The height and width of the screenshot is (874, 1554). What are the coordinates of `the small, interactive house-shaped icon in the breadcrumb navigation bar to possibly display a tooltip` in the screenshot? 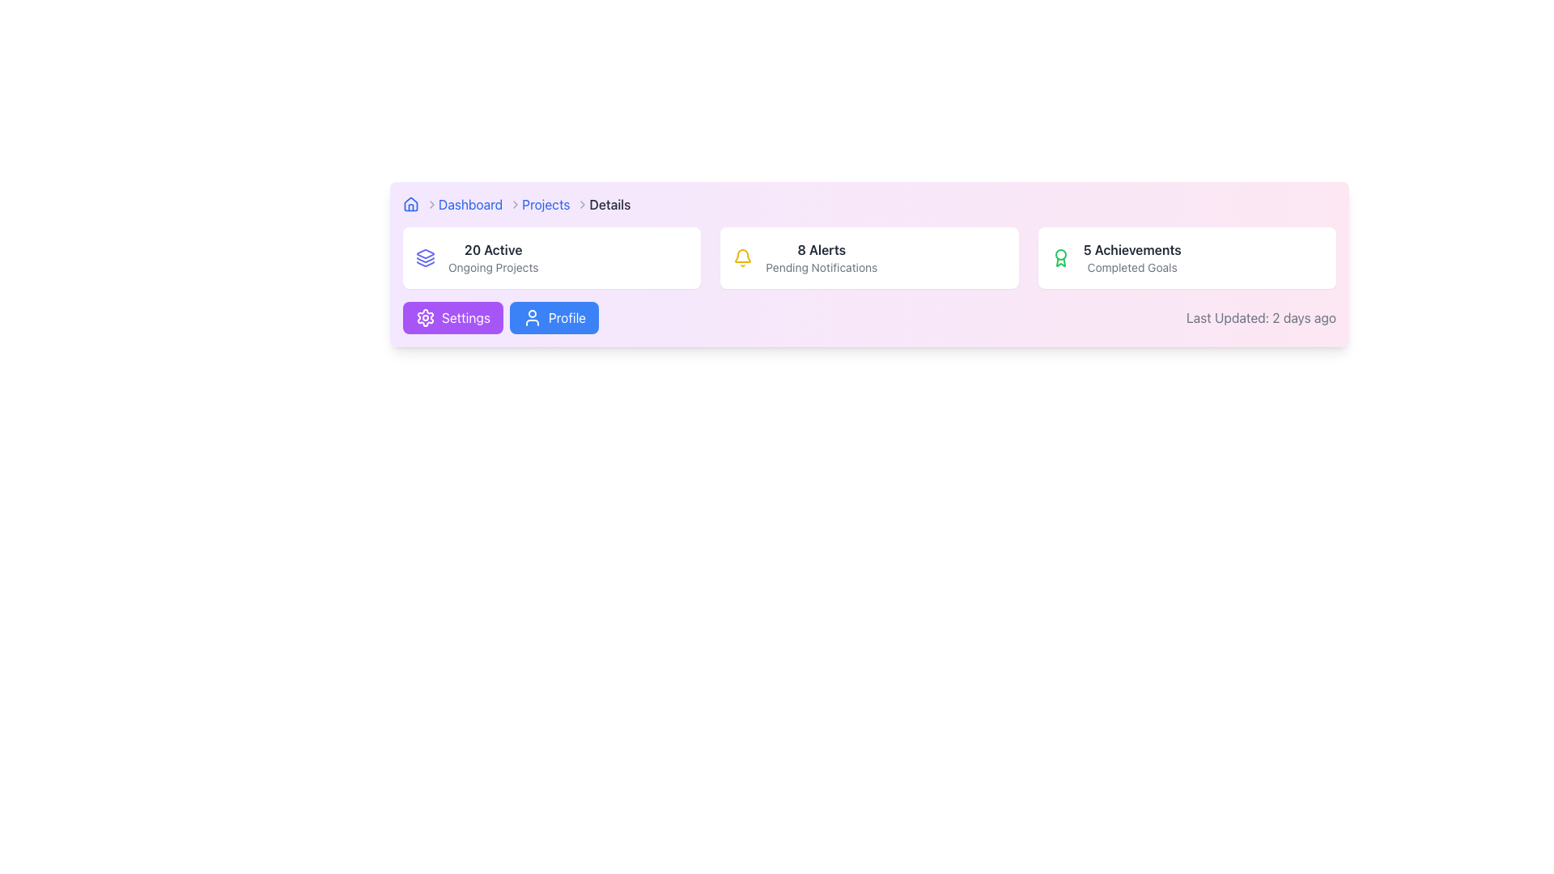 It's located at (411, 204).